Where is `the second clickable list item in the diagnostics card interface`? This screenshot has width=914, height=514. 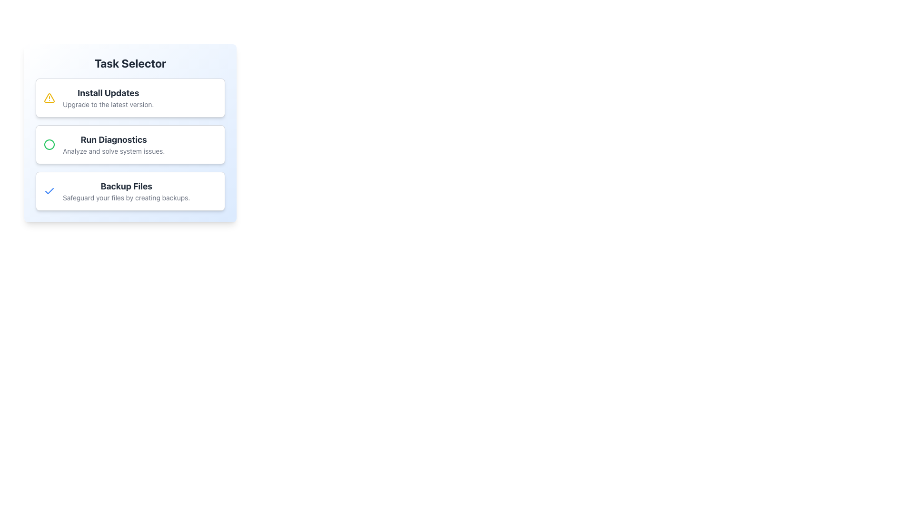
the second clickable list item in the diagnostics card interface is located at coordinates (129, 145).